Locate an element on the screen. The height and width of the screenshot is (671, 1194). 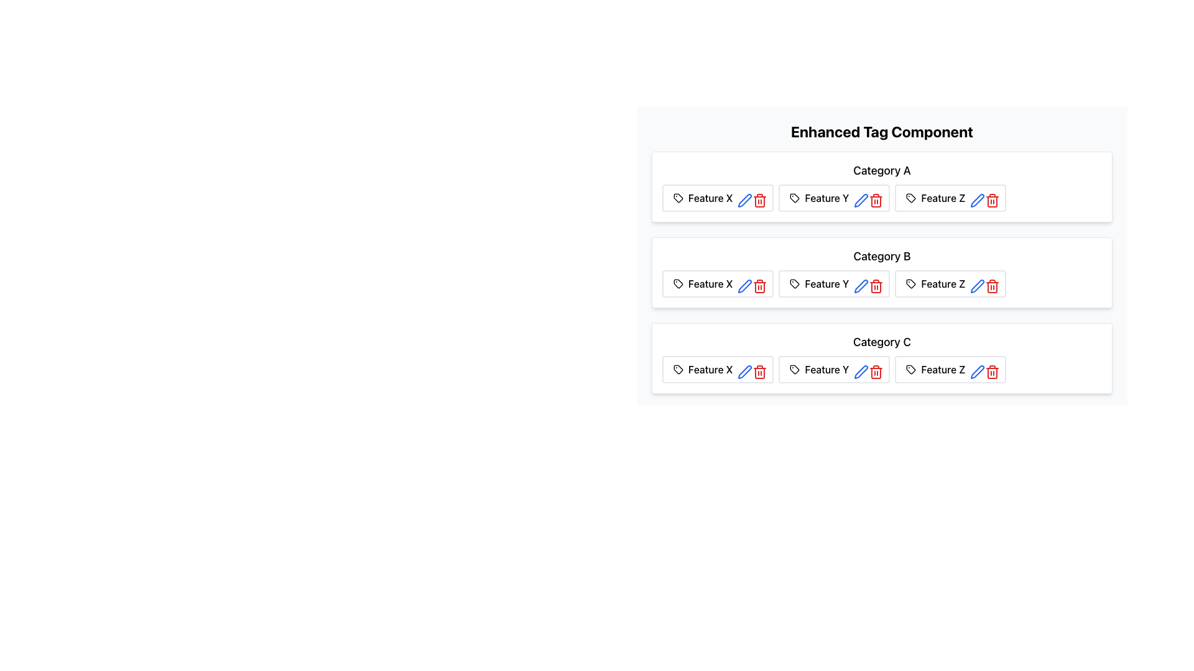
the button labeled 'Feature Y', which is a rectangular button with rounded corners, yellow background, and black icon, as a visual indicator is located at coordinates (834, 283).